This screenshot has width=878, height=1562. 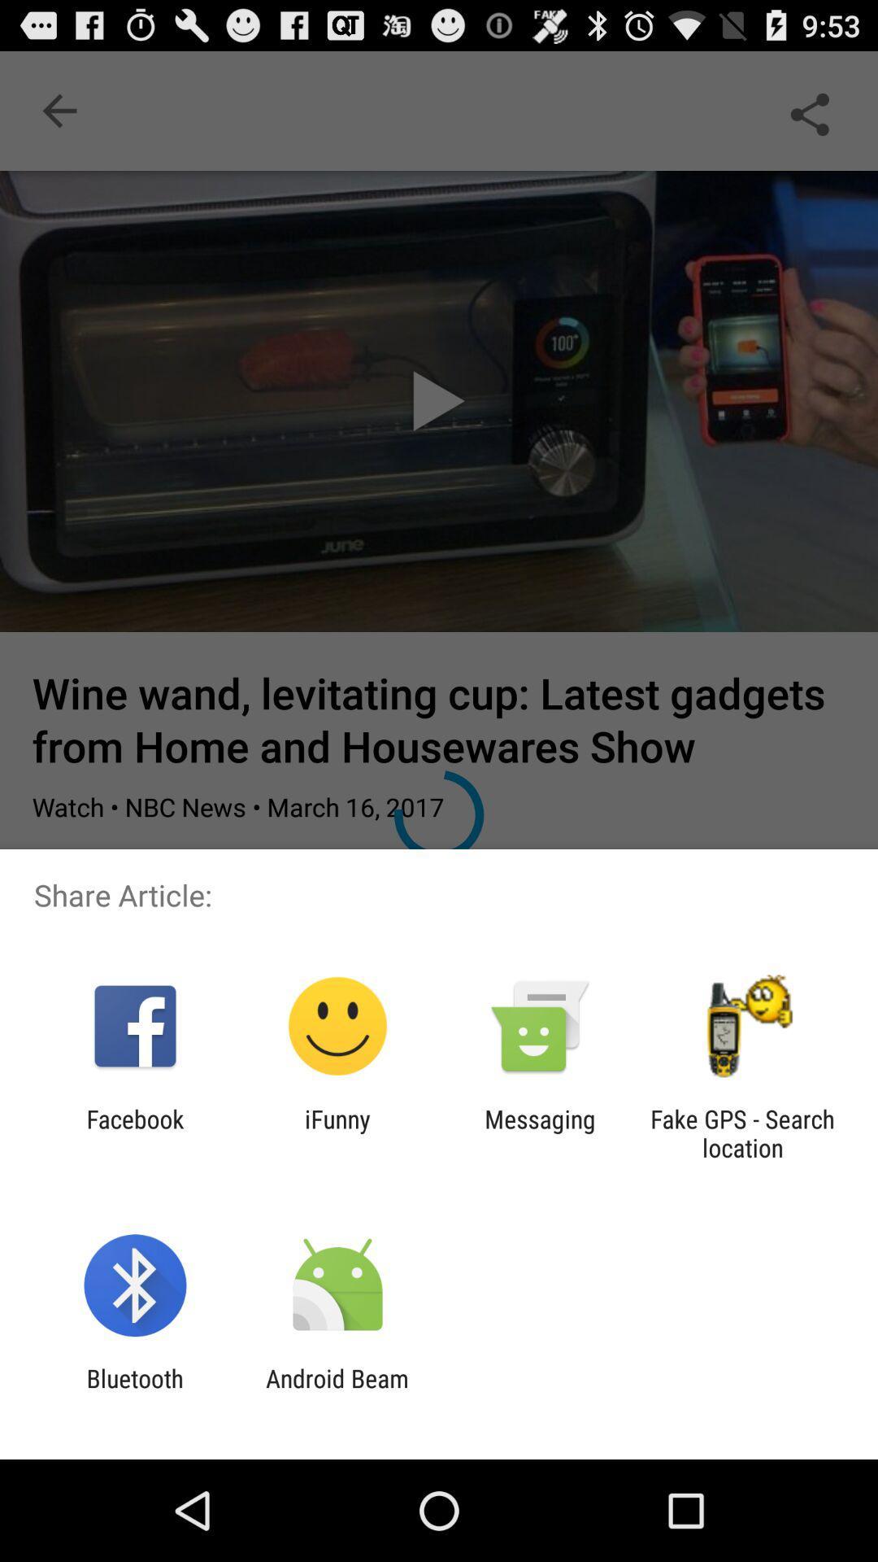 I want to click on ifunny icon, so click(x=337, y=1132).